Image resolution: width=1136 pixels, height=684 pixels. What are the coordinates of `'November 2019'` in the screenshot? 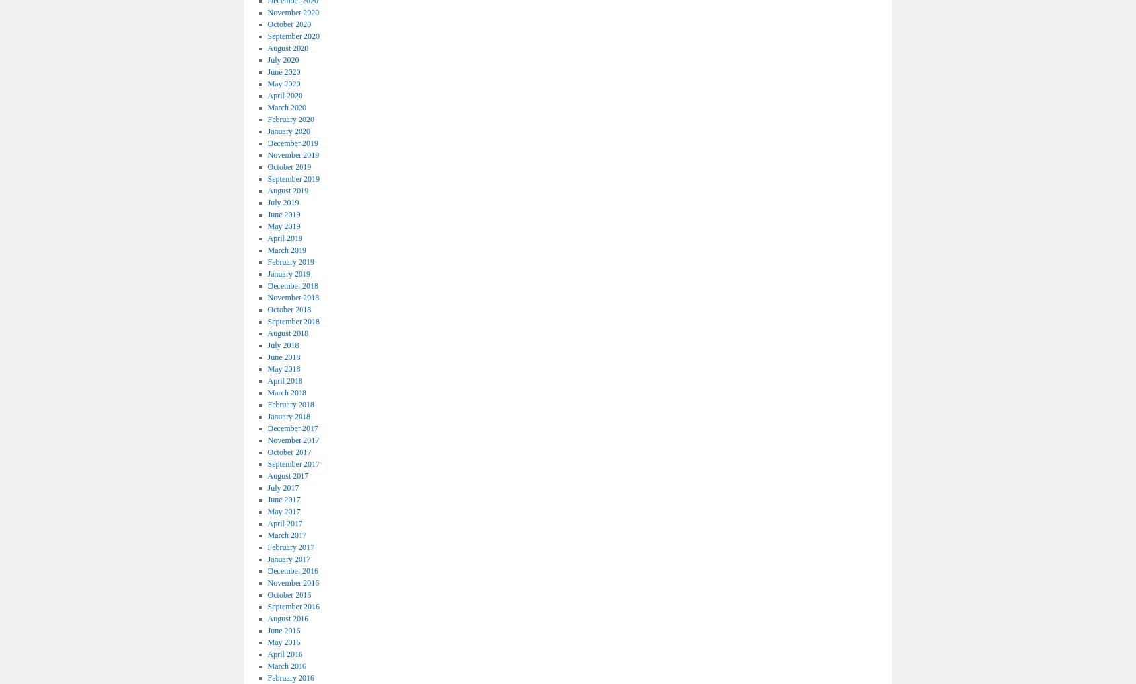 It's located at (267, 154).